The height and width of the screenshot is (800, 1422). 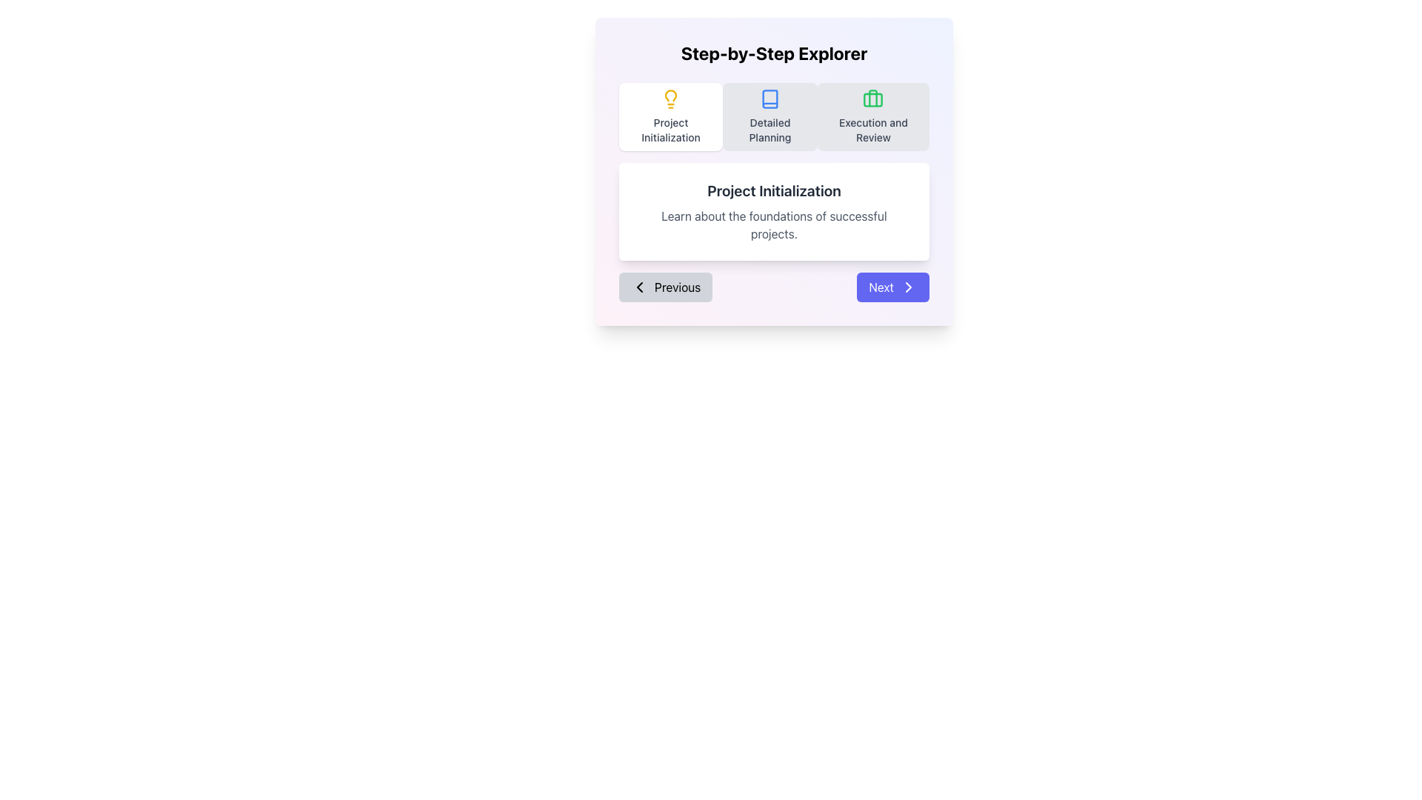 What do you see at coordinates (640, 287) in the screenshot?
I see `the 'Previous' button containing the leftward facing chevron icon located at the bottom left side of the card interface` at bounding box center [640, 287].